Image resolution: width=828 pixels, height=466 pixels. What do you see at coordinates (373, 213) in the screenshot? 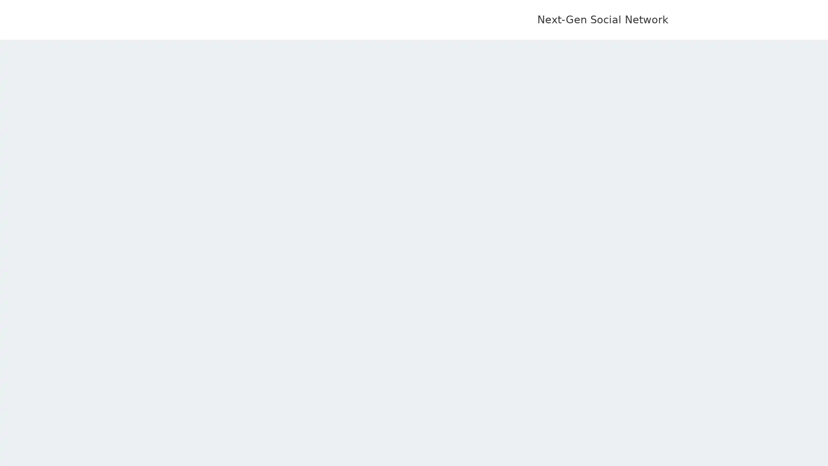
I see `Log in` at bounding box center [373, 213].